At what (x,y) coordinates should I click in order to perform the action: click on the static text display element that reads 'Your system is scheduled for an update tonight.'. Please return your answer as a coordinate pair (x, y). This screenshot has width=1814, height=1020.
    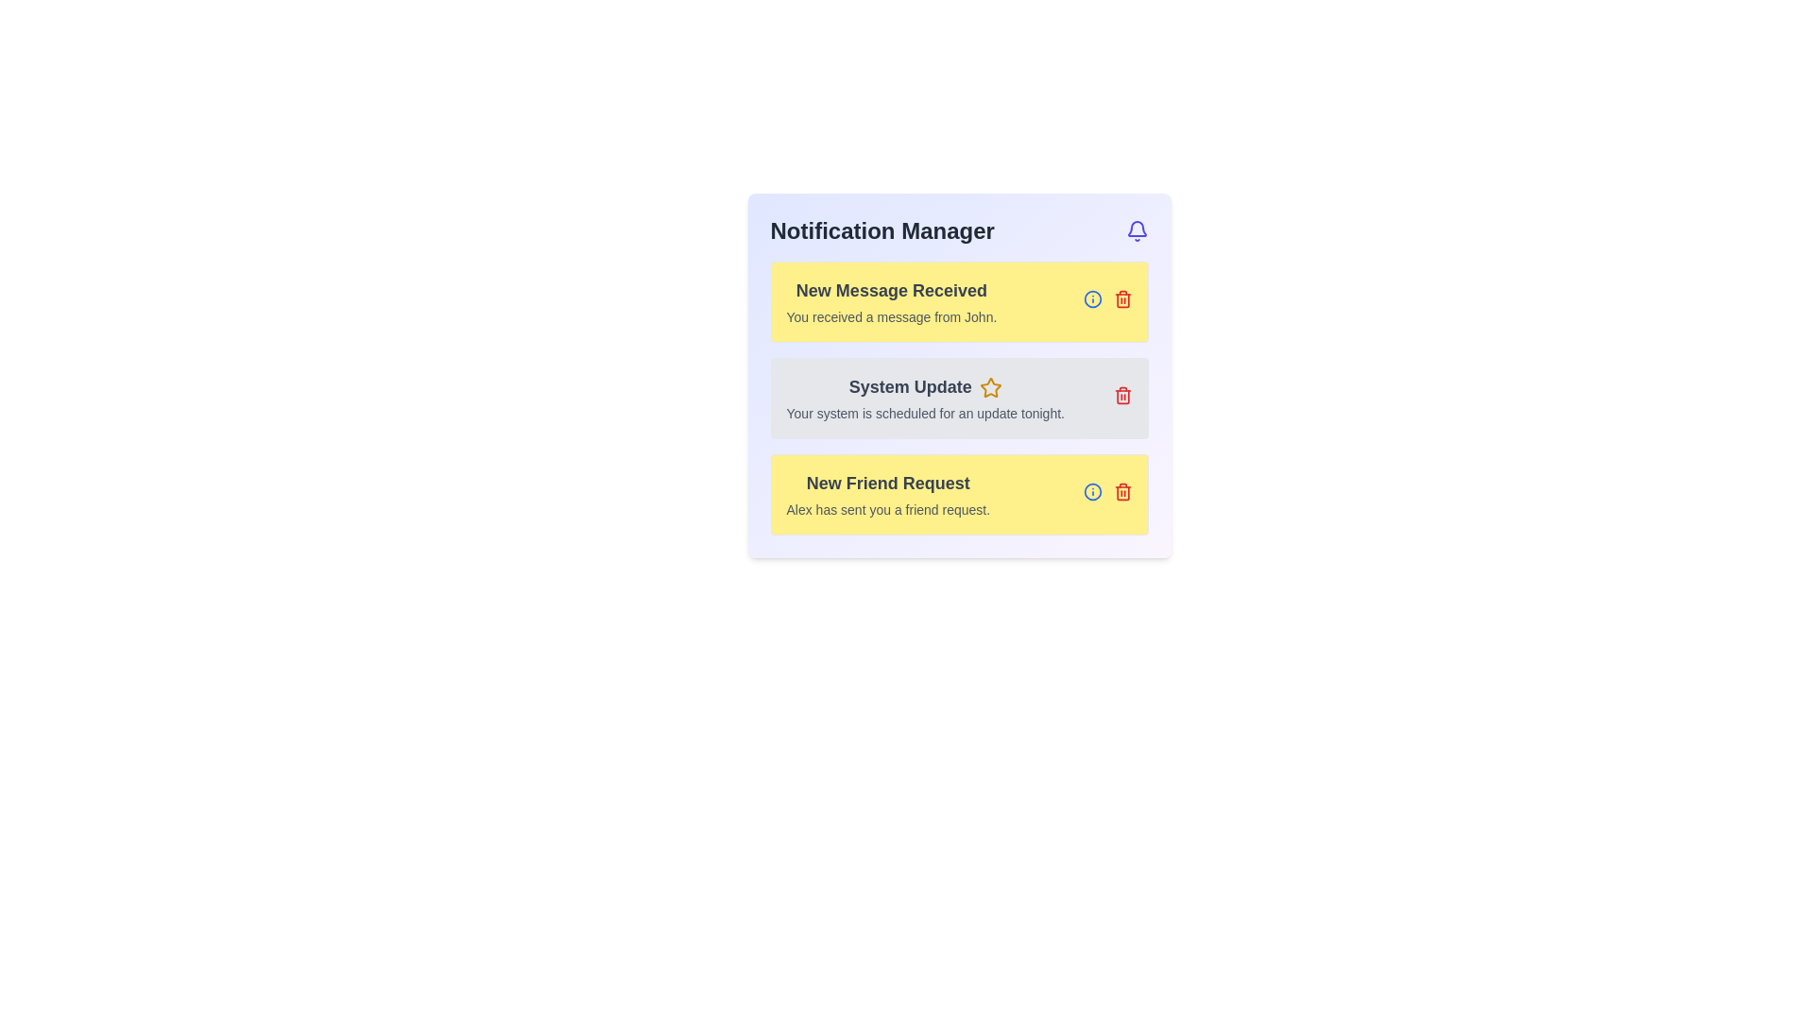
    Looking at the image, I should click on (925, 413).